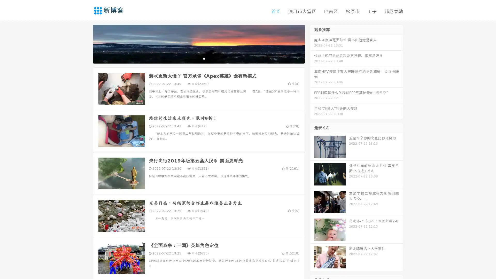 Image resolution: width=496 pixels, height=279 pixels. What do you see at coordinates (312, 43) in the screenshot?
I see `Next slide` at bounding box center [312, 43].